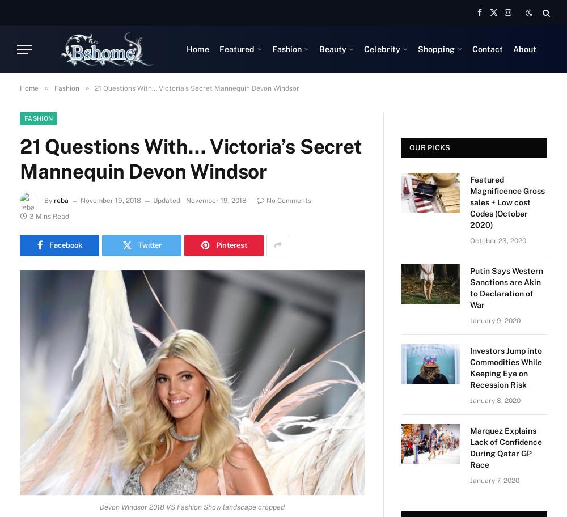 The image size is (567, 517). Describe the element at coordinates (503, 175) in the screenshot. I see `'Nicki Minaj Makes for Vogue’s Shock and ‘Beautiful’ December 2023 Cowl Star'` at that location.